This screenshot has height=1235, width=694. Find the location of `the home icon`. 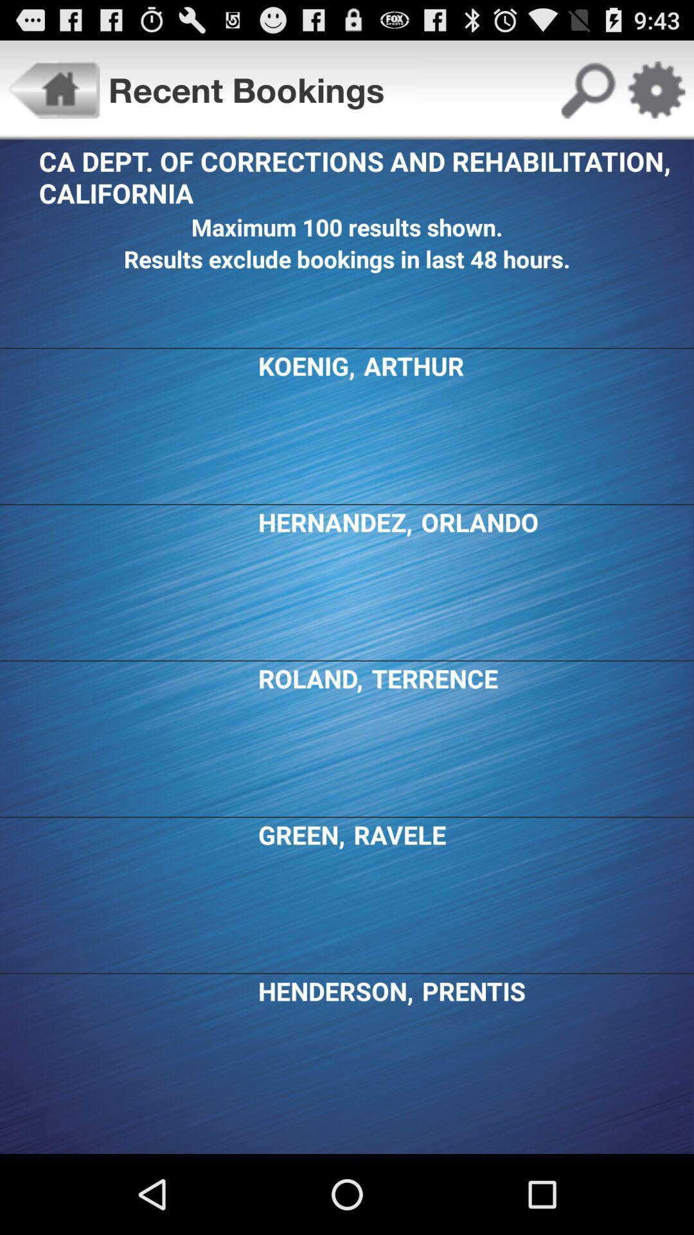

the home icon is located at coordinates (53, 95).